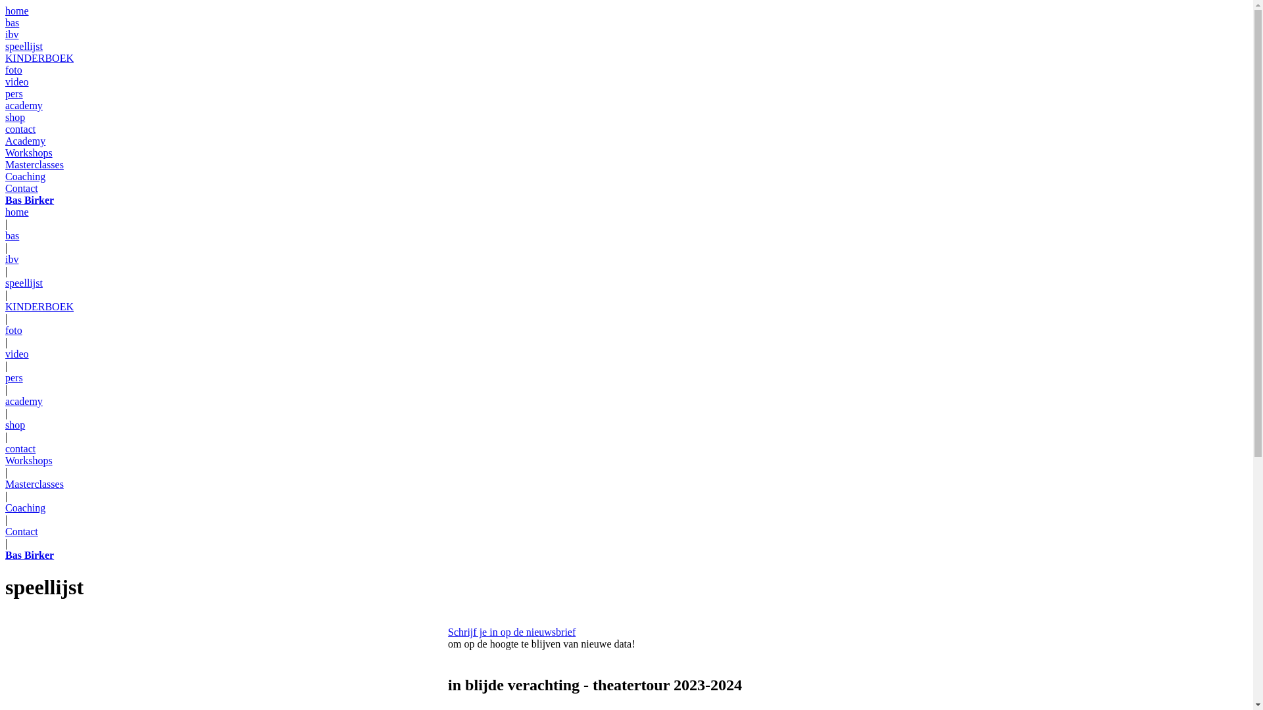  I want to click on 'shop', so click(15, 425).